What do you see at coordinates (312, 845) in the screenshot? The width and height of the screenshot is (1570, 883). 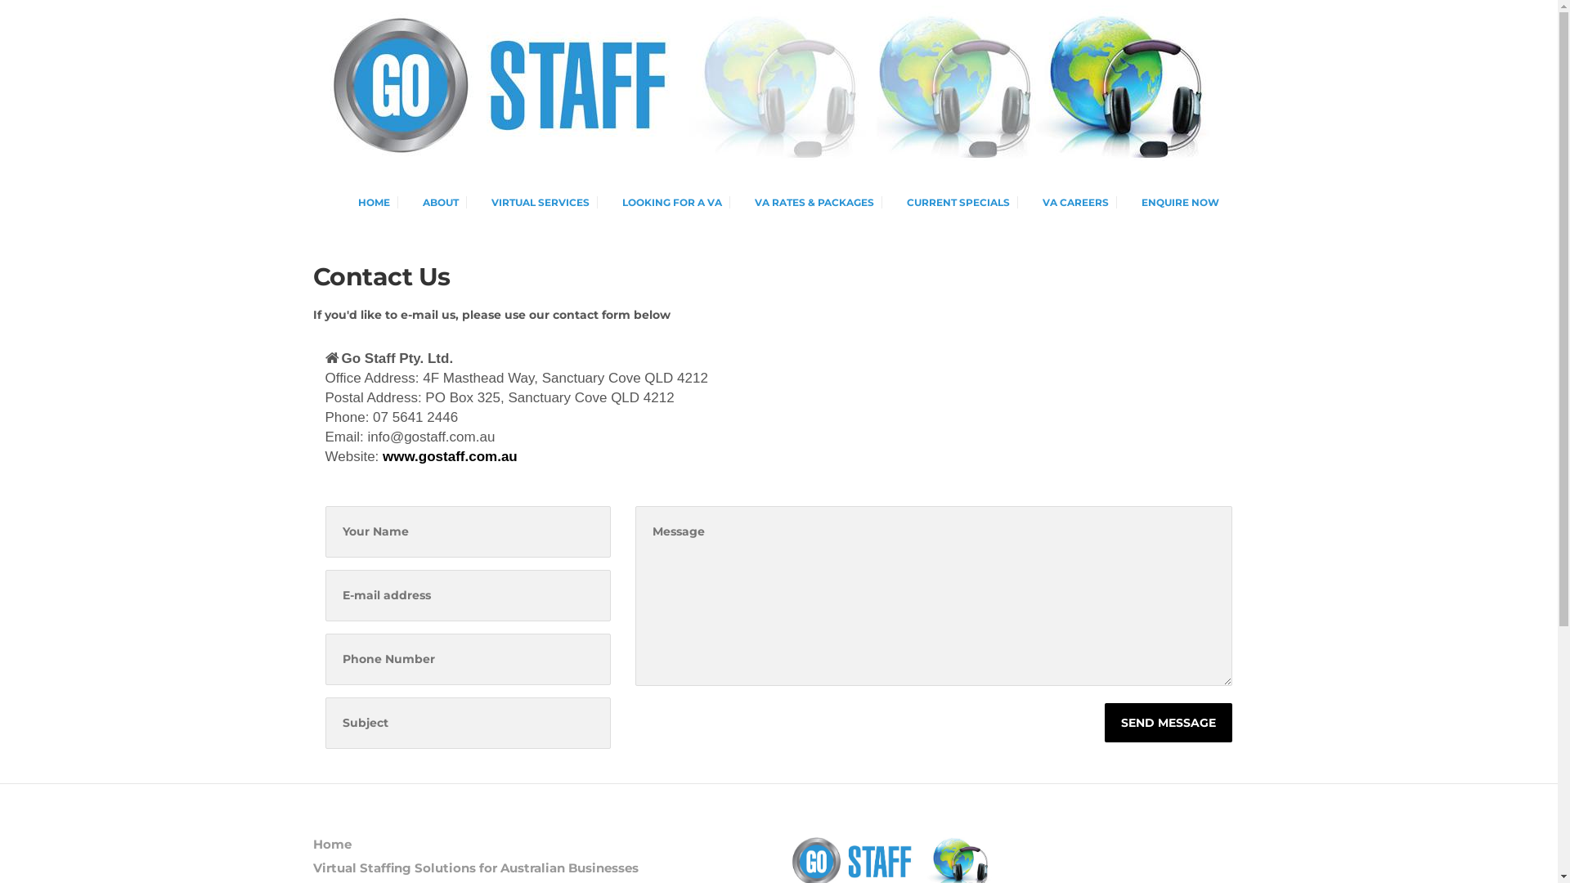 I see `'Home'` at bounding box center [312, 845].